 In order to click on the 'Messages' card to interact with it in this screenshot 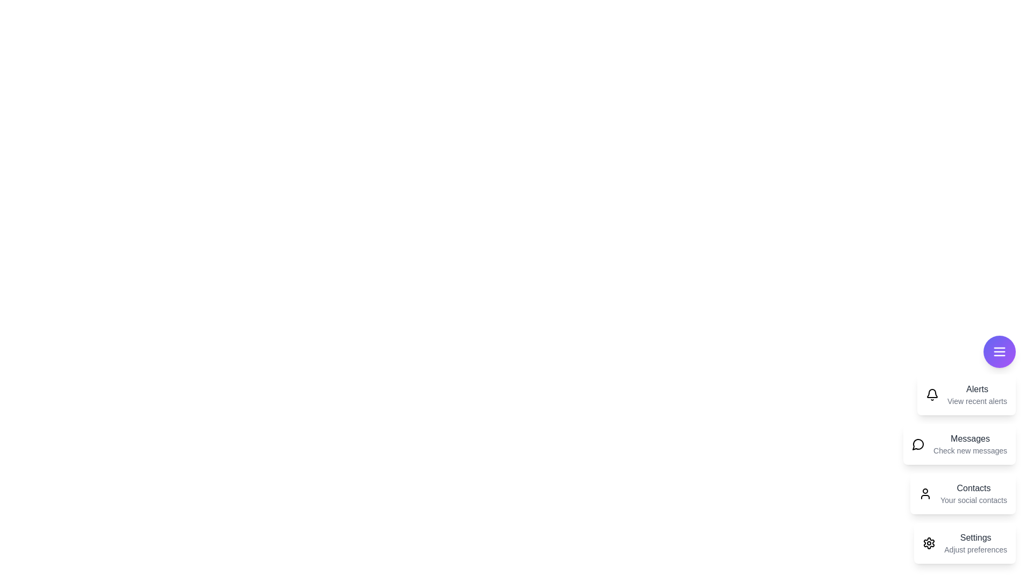, I will do `click(959, 444)`.